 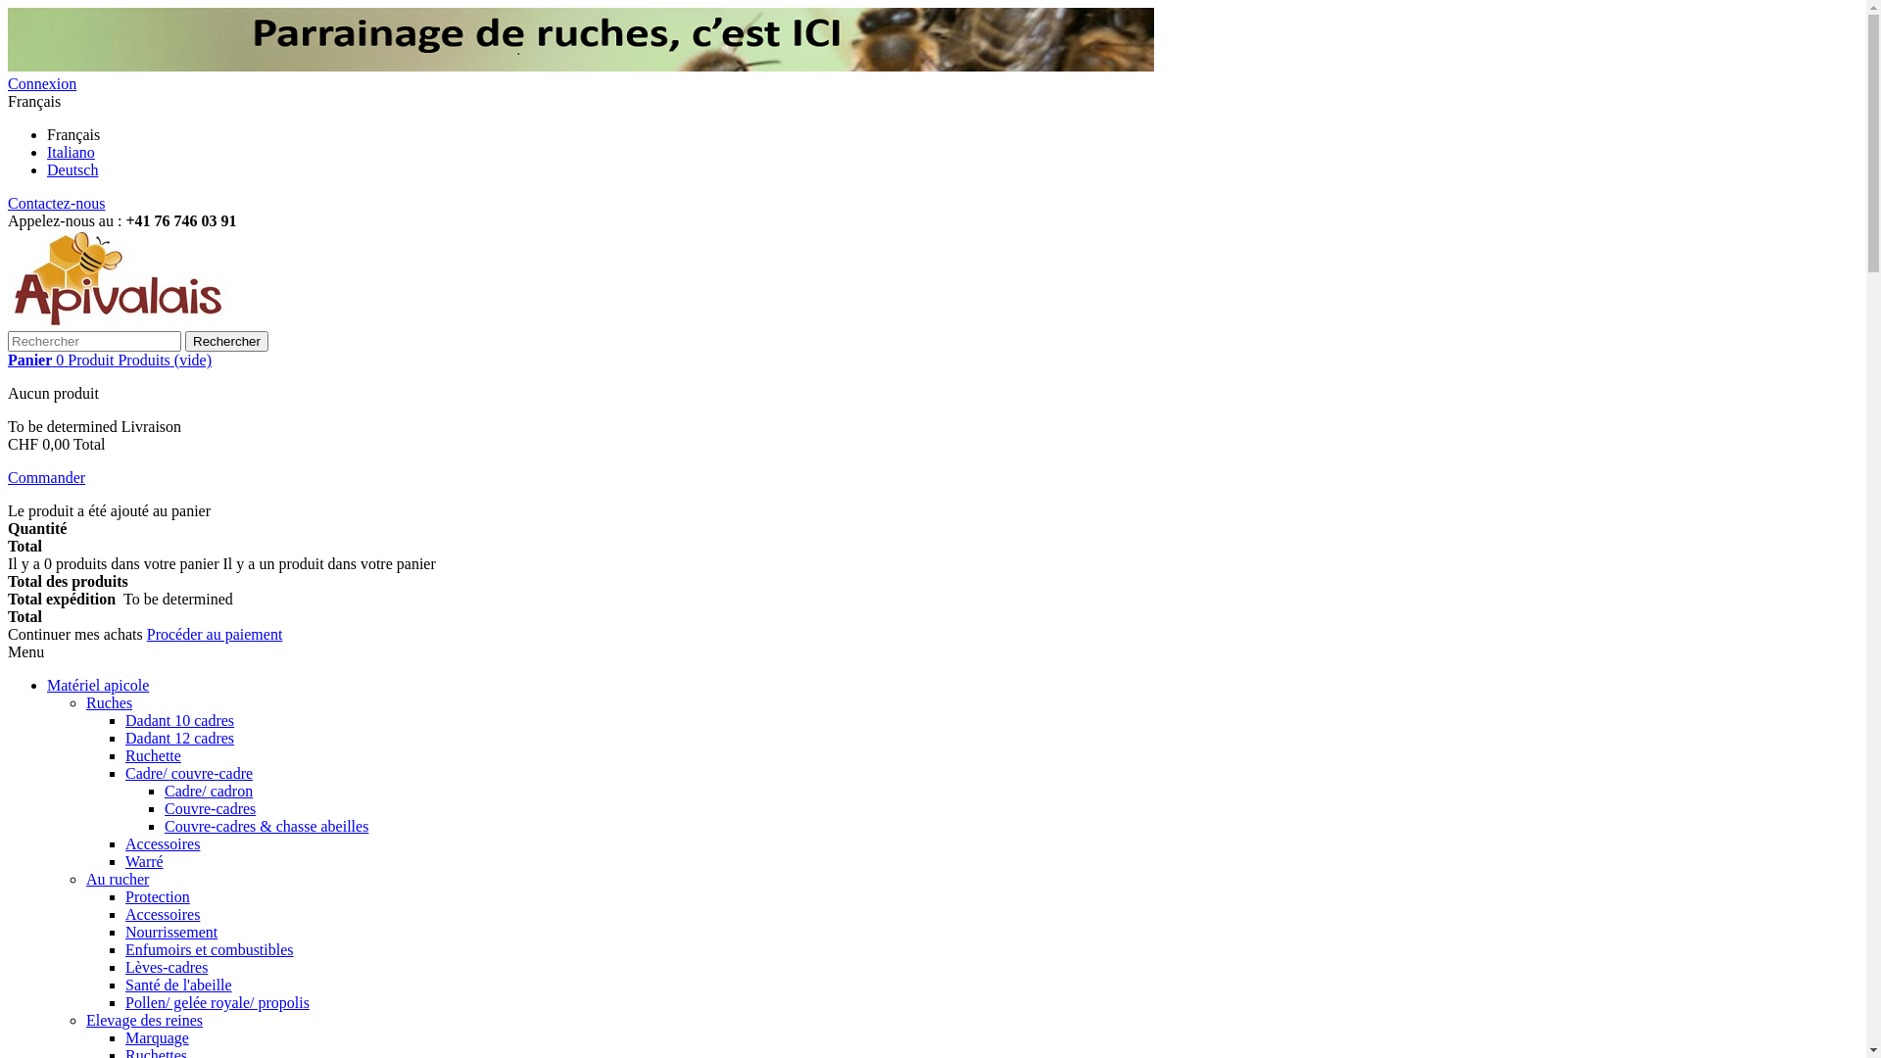 What do you see at coordinates (124, 931) in the screenshot?
I see `'Nourrissement'` at bounding box center [124, 931].